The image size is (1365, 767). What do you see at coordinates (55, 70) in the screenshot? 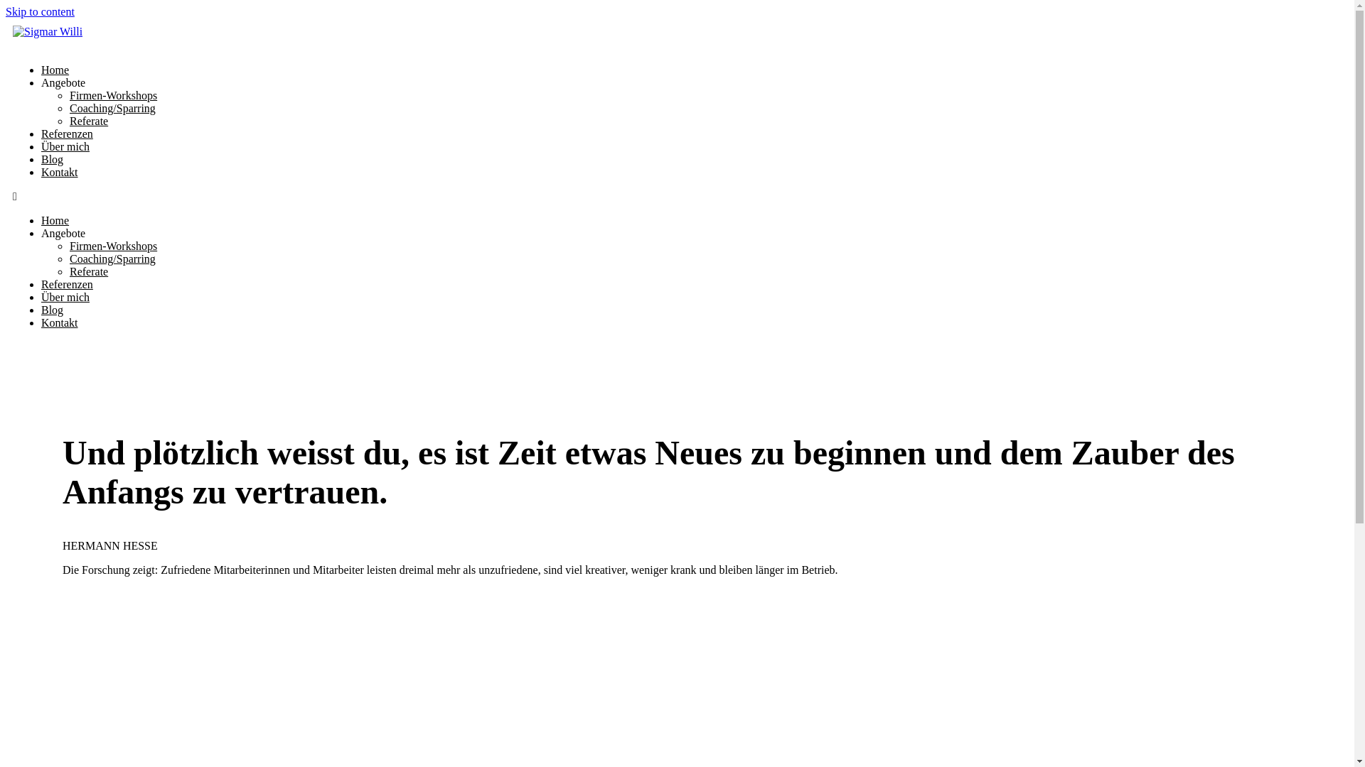
I see `'Home'` at bounding box center [55, 70].